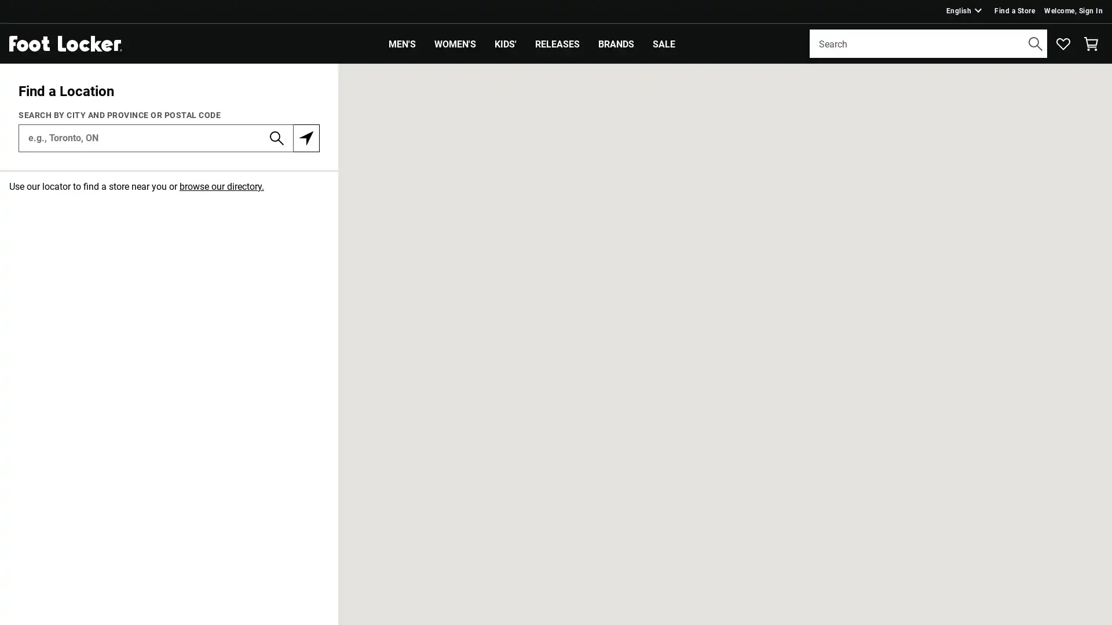 The height and width of the screenshot is (625, 1112). What do you see at coordinates (1094, 80) in the screenshot?
I see `Zoom in` at bounding box center [1094, 80].